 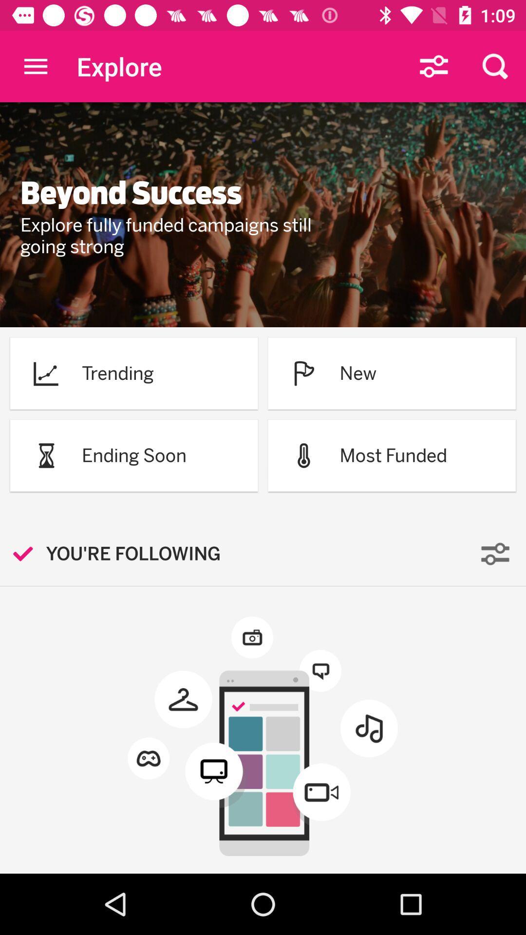 I want to click on the icon to the left of the explore item, so click(x=35, y=66).